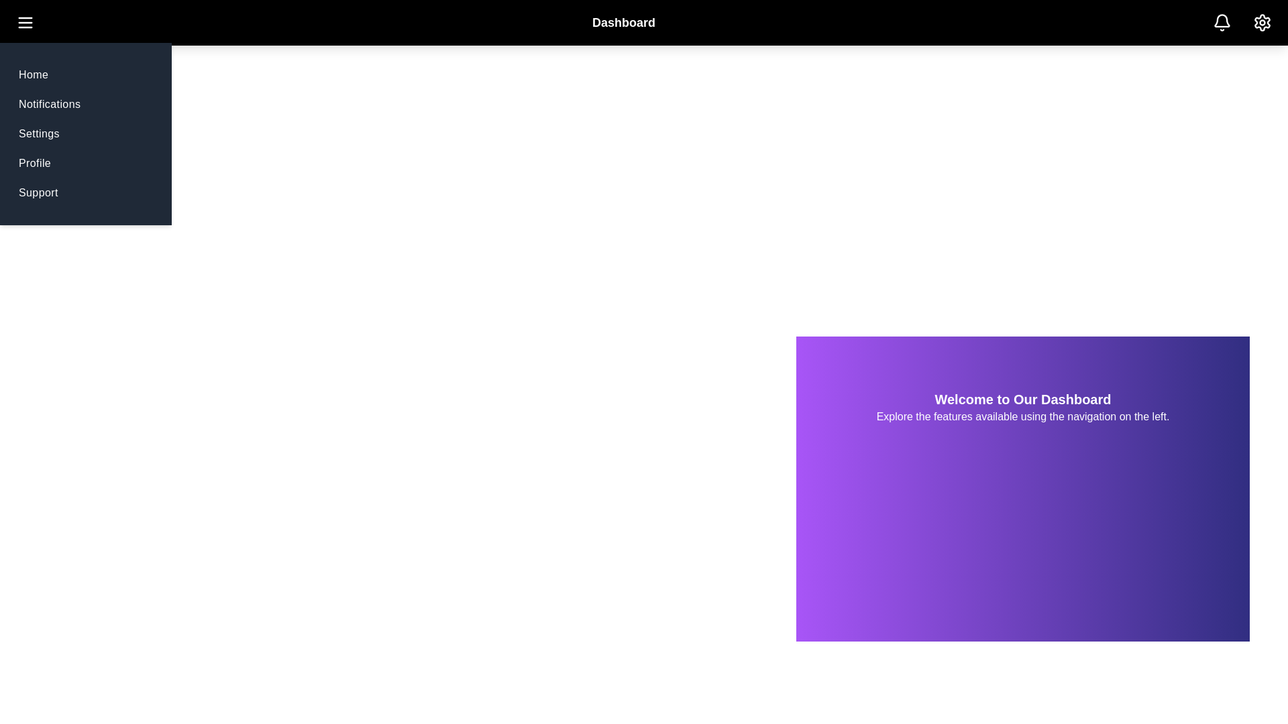  What do you see at coordinates (38, 134) in the screenshot?
I see `the navigation menu item Settings` at bounding box center [38, 134].